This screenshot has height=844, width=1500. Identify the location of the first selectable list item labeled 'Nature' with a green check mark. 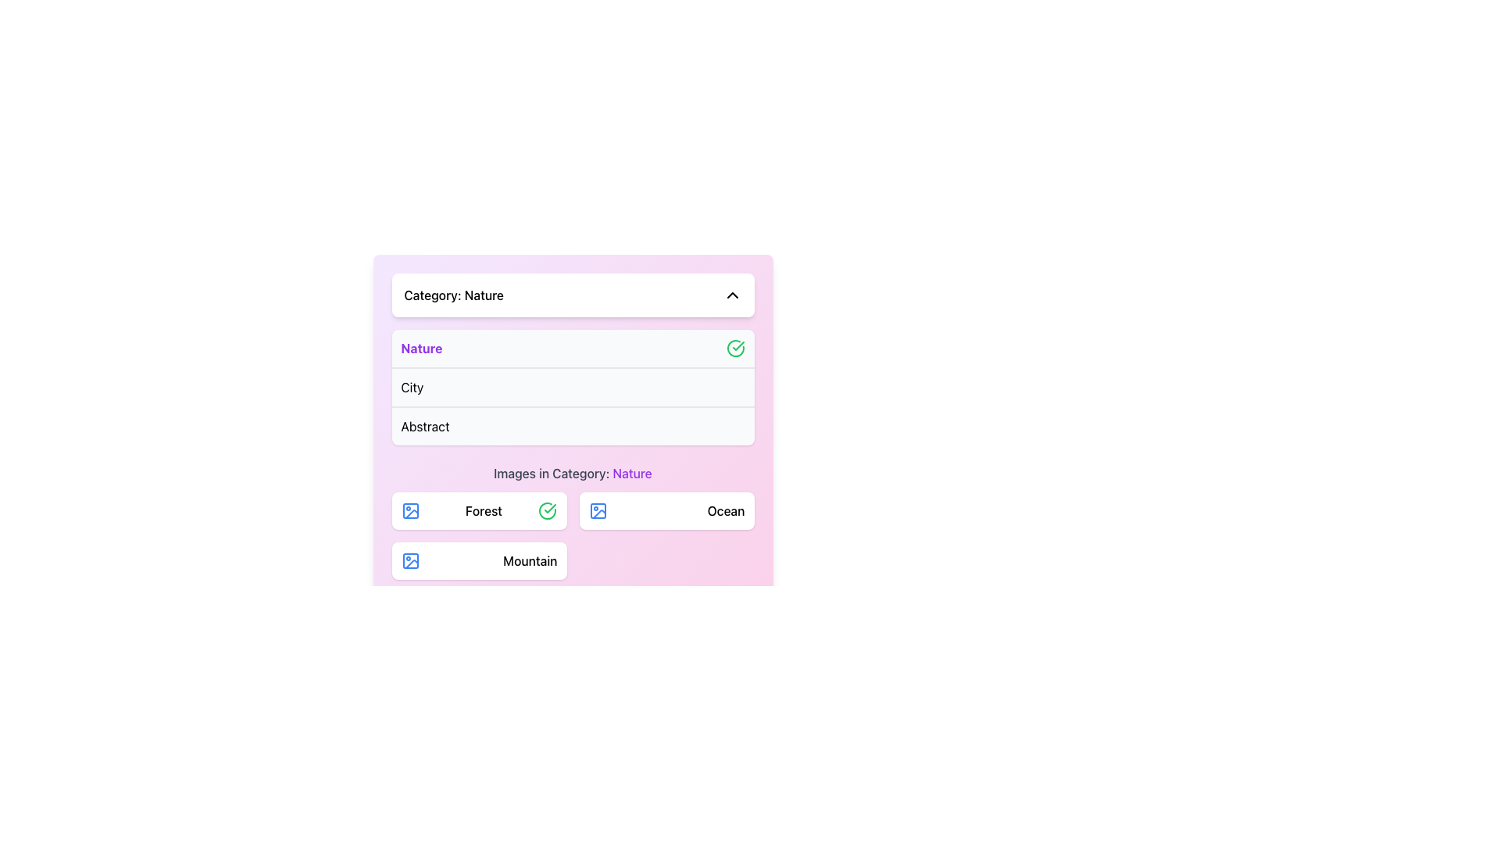
(572, 348).